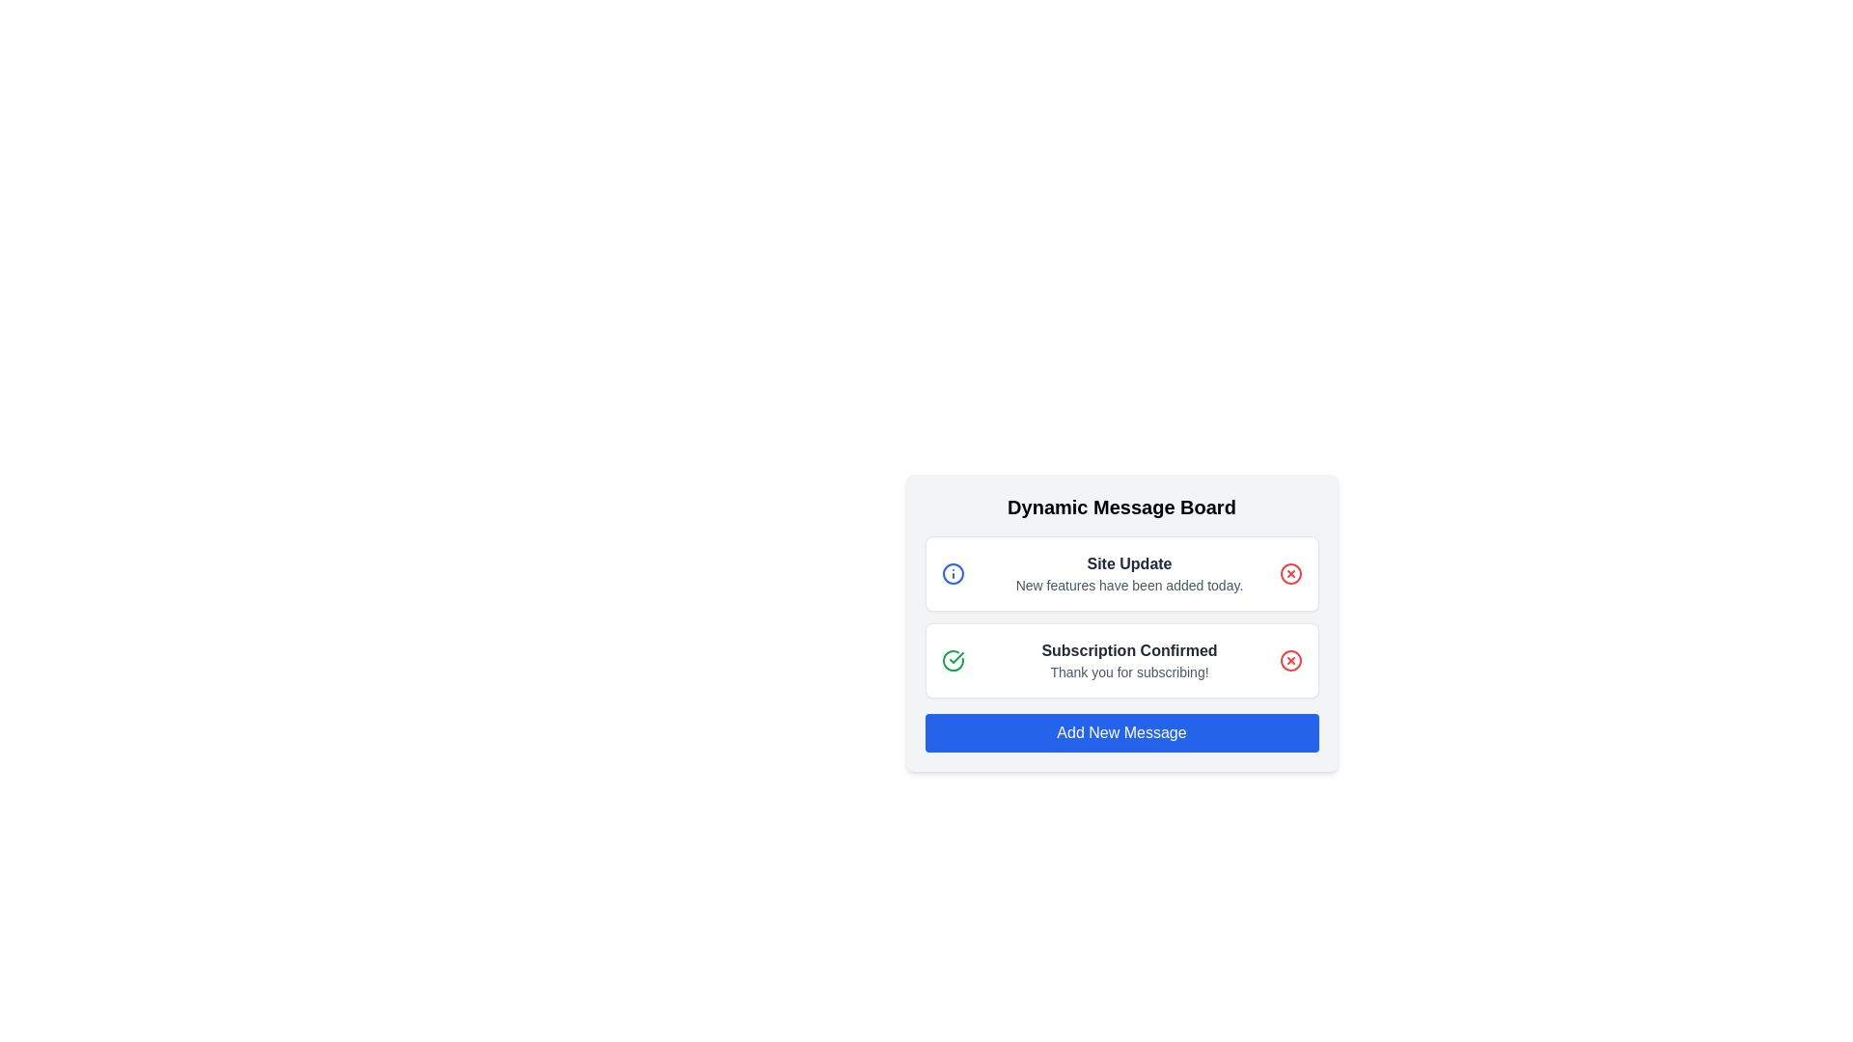 The width and height of the screenshot is (1853, 1042). Describe the element at coordinates (1129, 572) in the screenshot. I see `the text block that displays 'Site Update' and 'New features have been added today.'` at that location.